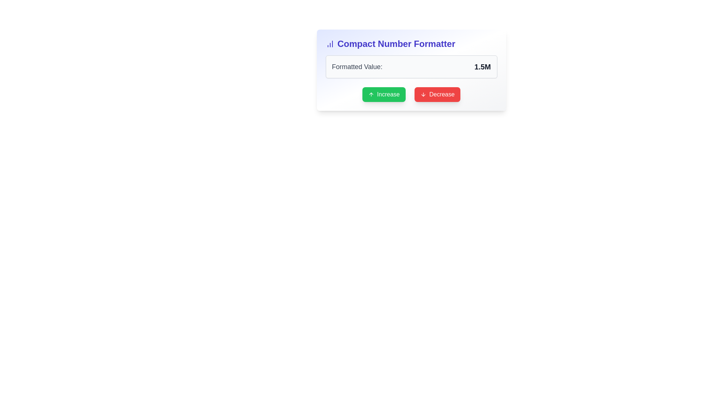 The image size is (710, 399). I want to click on the downwards-pointing arrow icon located above the red text 'Decrease' within the 'Decrease' button, so click(423, 94).